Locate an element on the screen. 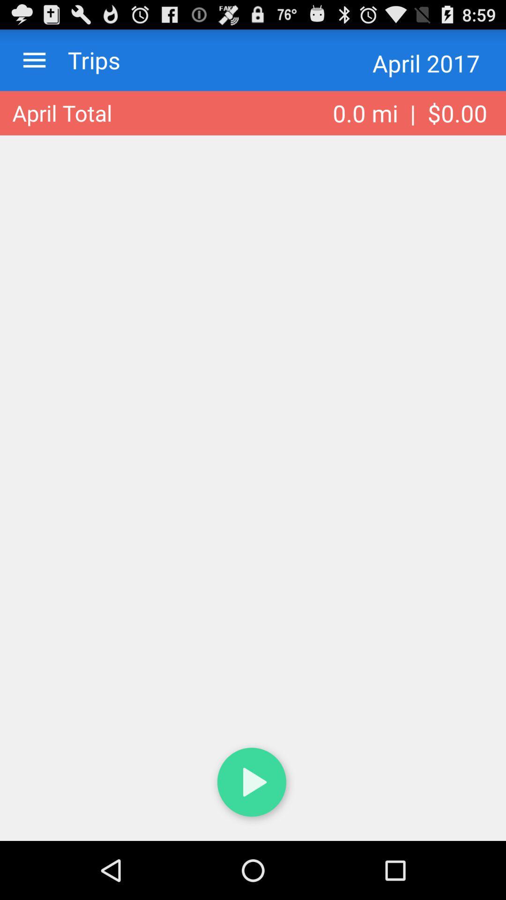 The width and height of the screenshot is (506, 900). show options is located at coordinates (34, 60).